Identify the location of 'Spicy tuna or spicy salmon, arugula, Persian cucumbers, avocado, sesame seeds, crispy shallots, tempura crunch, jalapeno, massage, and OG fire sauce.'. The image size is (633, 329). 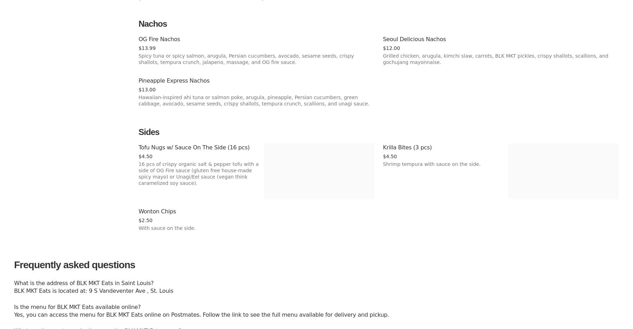
(246, 59).